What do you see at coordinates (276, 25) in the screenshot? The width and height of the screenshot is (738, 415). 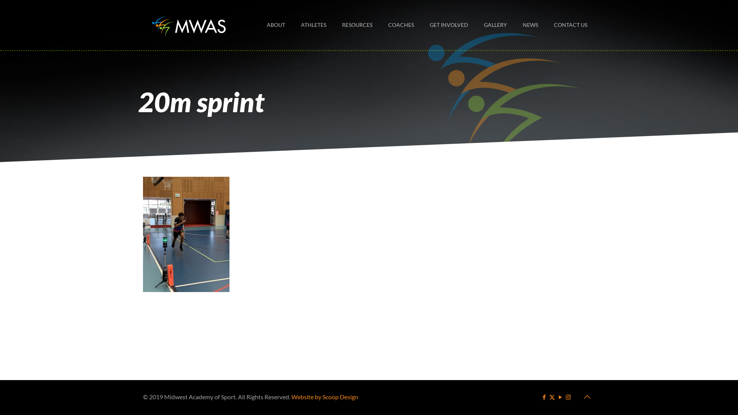 I see `'ABOUT'` at bounding box center [276, 25].